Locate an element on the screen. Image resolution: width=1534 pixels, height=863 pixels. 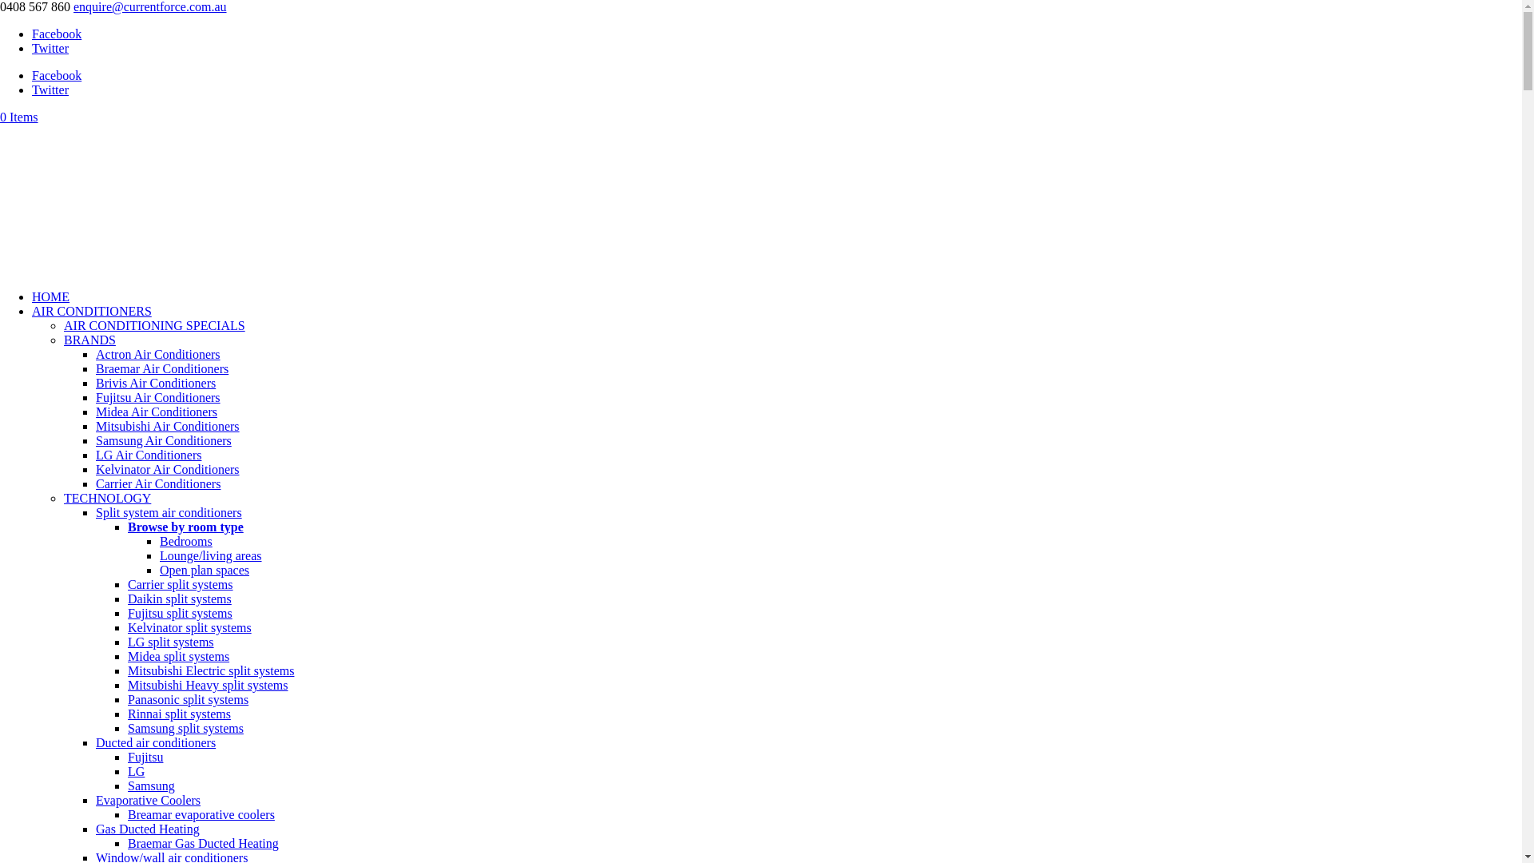
'Fujitsu Air Conditioners' is located at coordinates (95, 396).